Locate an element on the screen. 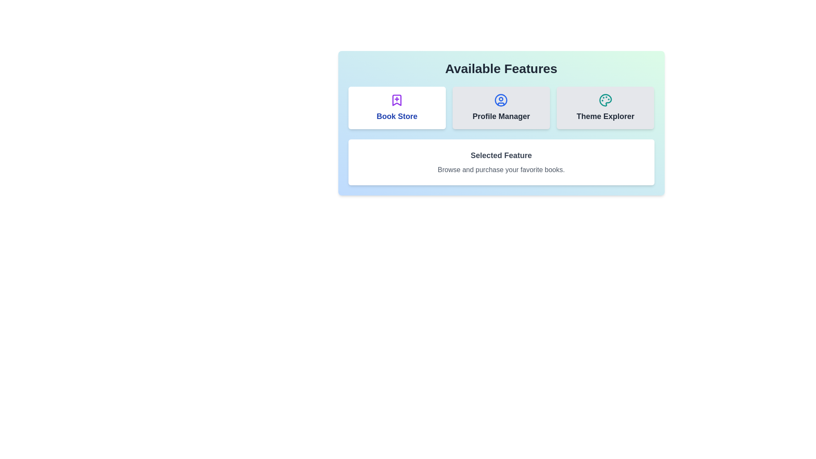  the Interactive card located in the top-left section of the 'Available Features' interface to trigger hover effects is located at coordinates (397, 108).